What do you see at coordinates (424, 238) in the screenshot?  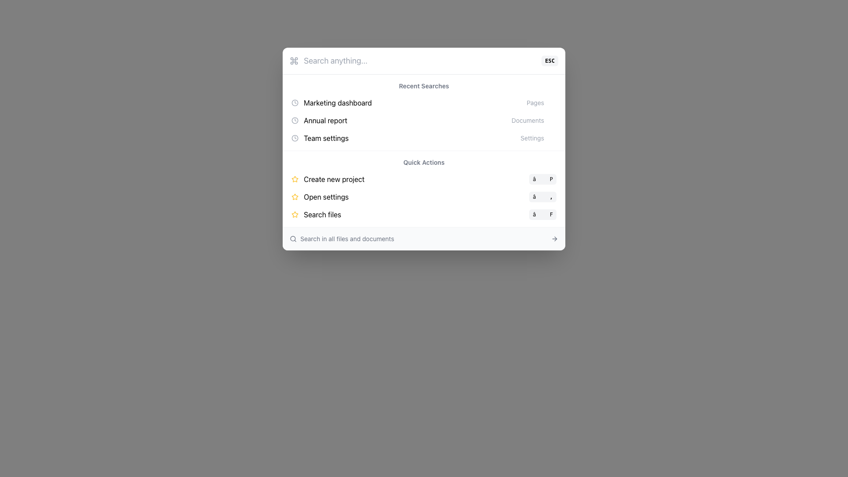 I see `the search bar at the bottom of the modal, which includes a magnifying glass icon and the text 'Search in all files and documents', for typing` at bounding box center [424, 238].